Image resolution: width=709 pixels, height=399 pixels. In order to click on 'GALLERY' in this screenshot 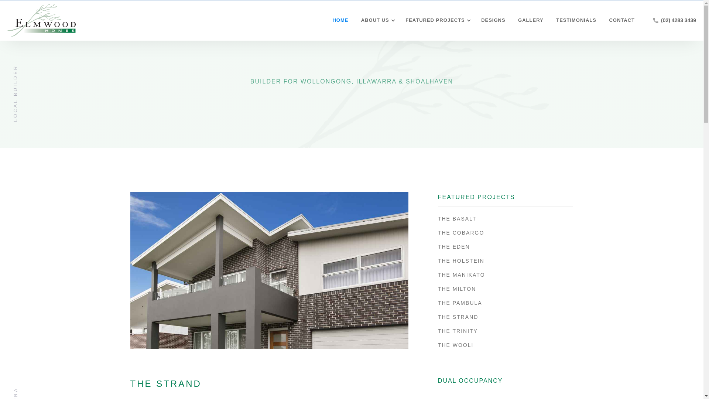, I will do `click(528, 20)`.